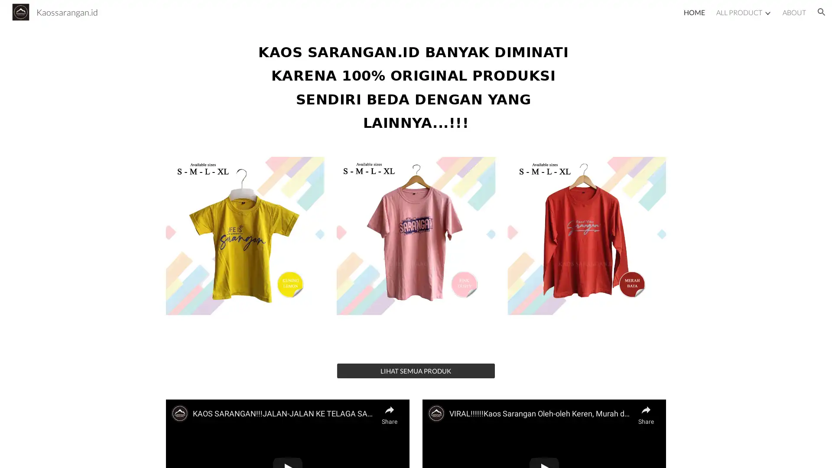  What do you see at coordinates (67, 452) in the screenshot?
I see `Google Sites` at bounding box center [67, 452].